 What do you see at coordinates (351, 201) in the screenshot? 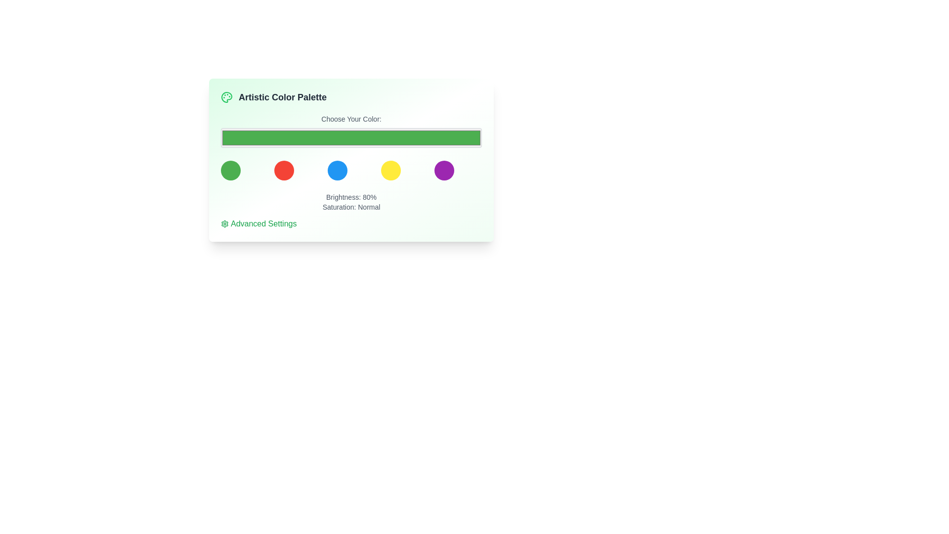
I see `the Text Display element that shows current settings or statuses related to brightness and saturation, positioned centrally below the circular color swatches and above the 'Advanced Settings' link` at bounding box center [351, 201].